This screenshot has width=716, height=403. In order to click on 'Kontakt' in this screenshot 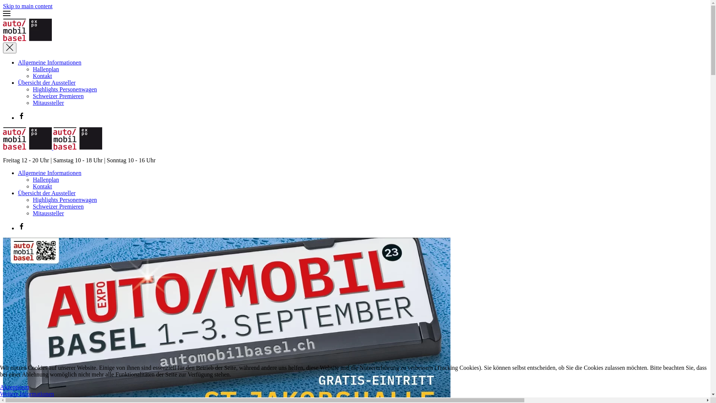, I will do `click(42, 76)`.